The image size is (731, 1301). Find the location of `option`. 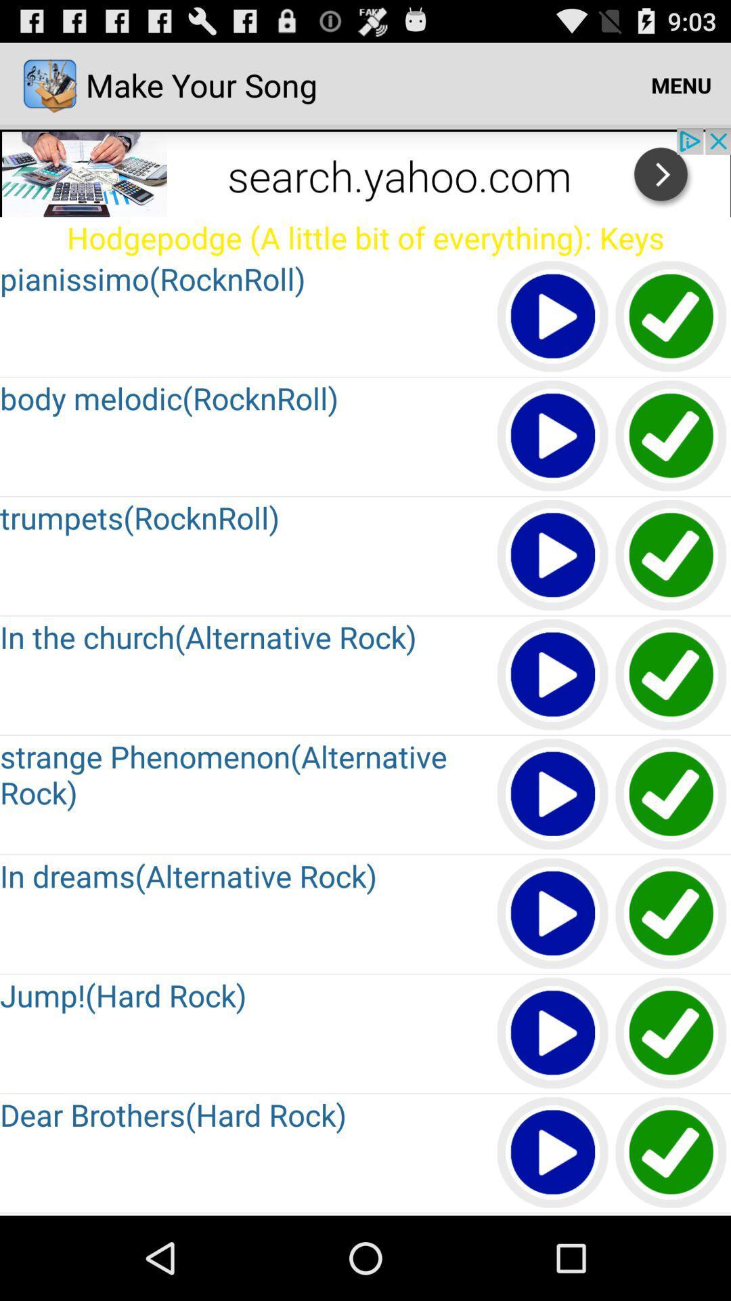

option is located at coordinates (553, 436).